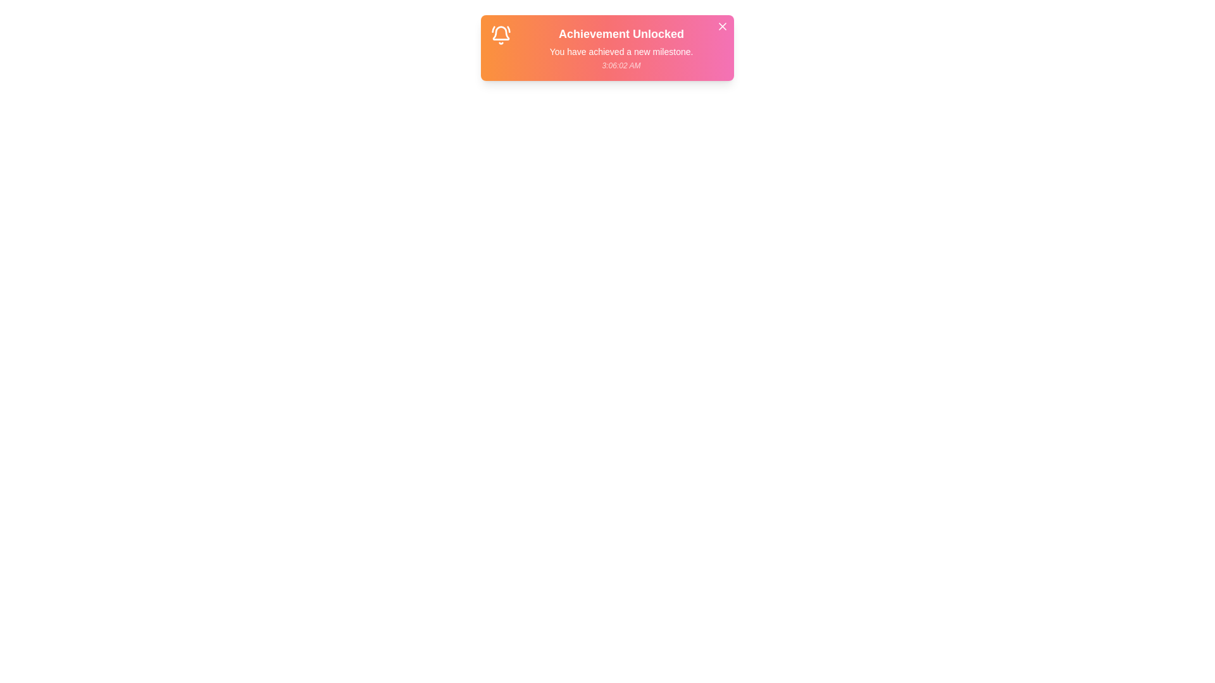 The height and width of the screenshot is (683, 1215). I want to click on the text content of the notification: Timestamp, so click(621, 66).